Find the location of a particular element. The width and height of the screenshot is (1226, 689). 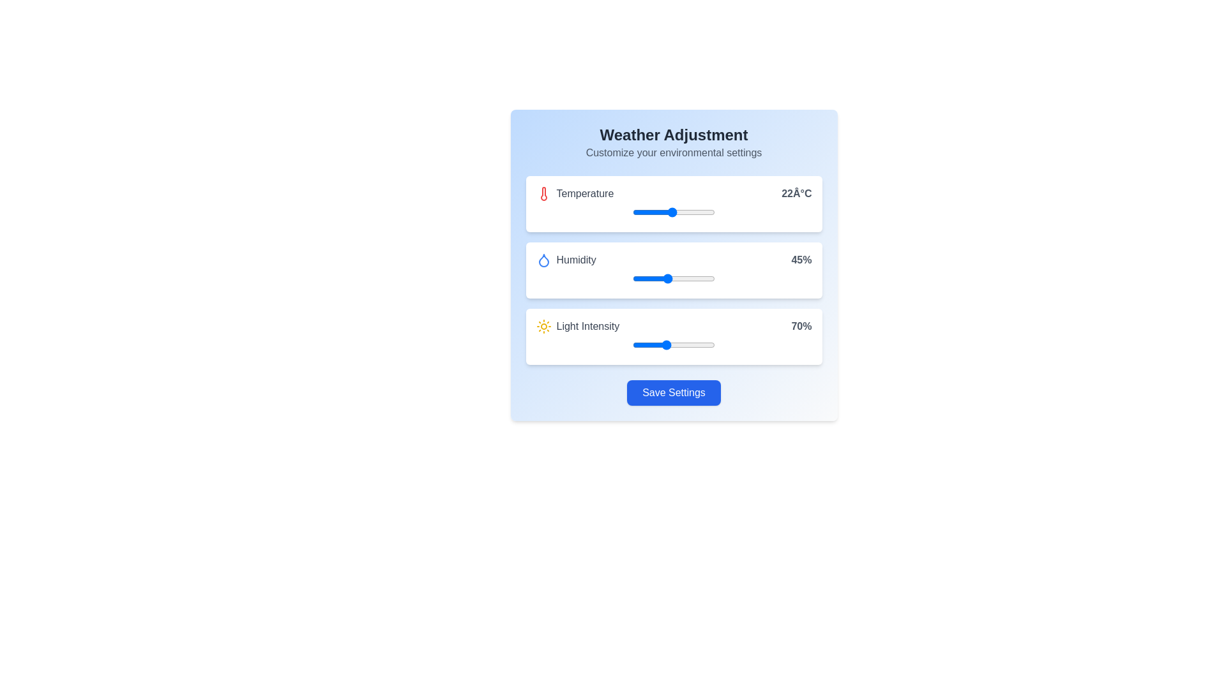

the humidity is located at coordinates (632, 278).